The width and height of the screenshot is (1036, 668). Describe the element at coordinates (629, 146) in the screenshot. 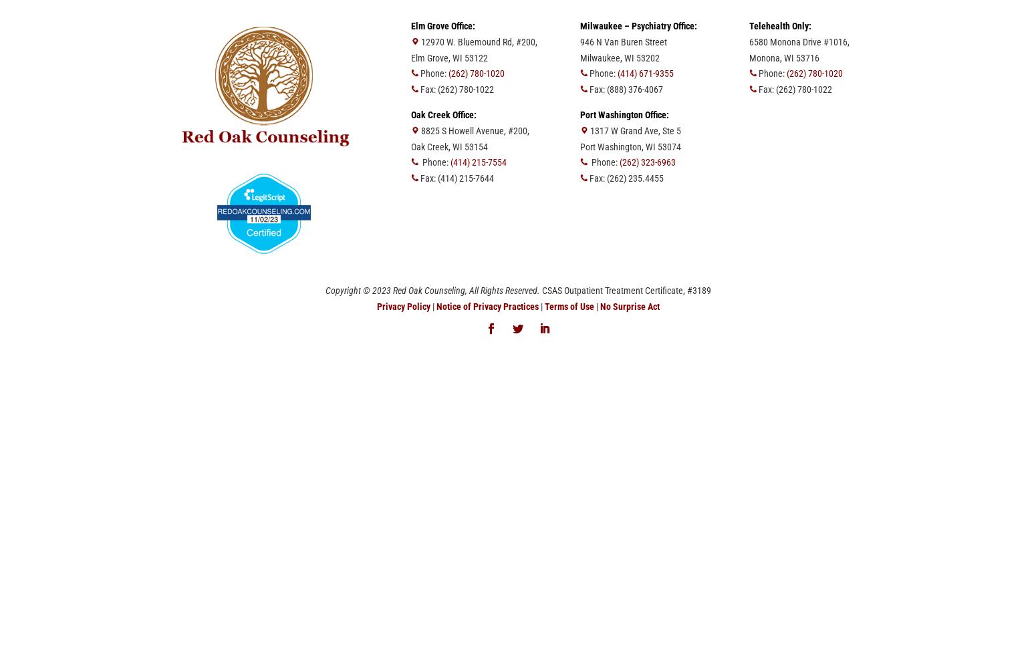

I see `'Port Washington, WI 53074'` at that location.